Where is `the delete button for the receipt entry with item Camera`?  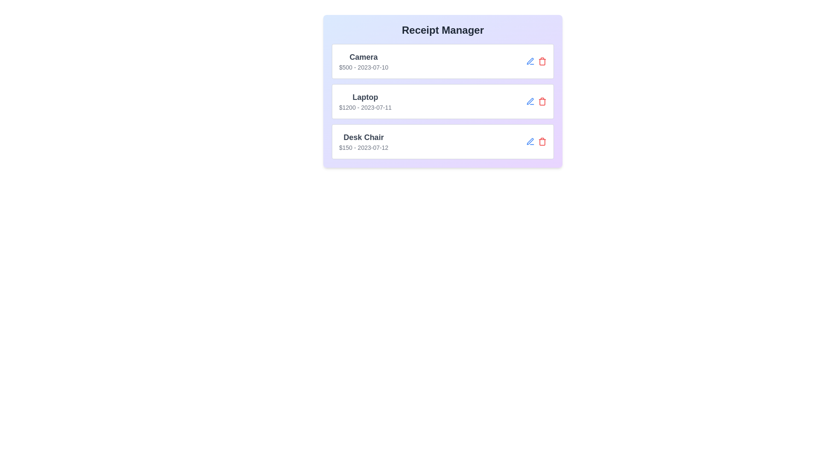 the delete button for the receipt entry with item Camera is located at coordinates (542, 61).